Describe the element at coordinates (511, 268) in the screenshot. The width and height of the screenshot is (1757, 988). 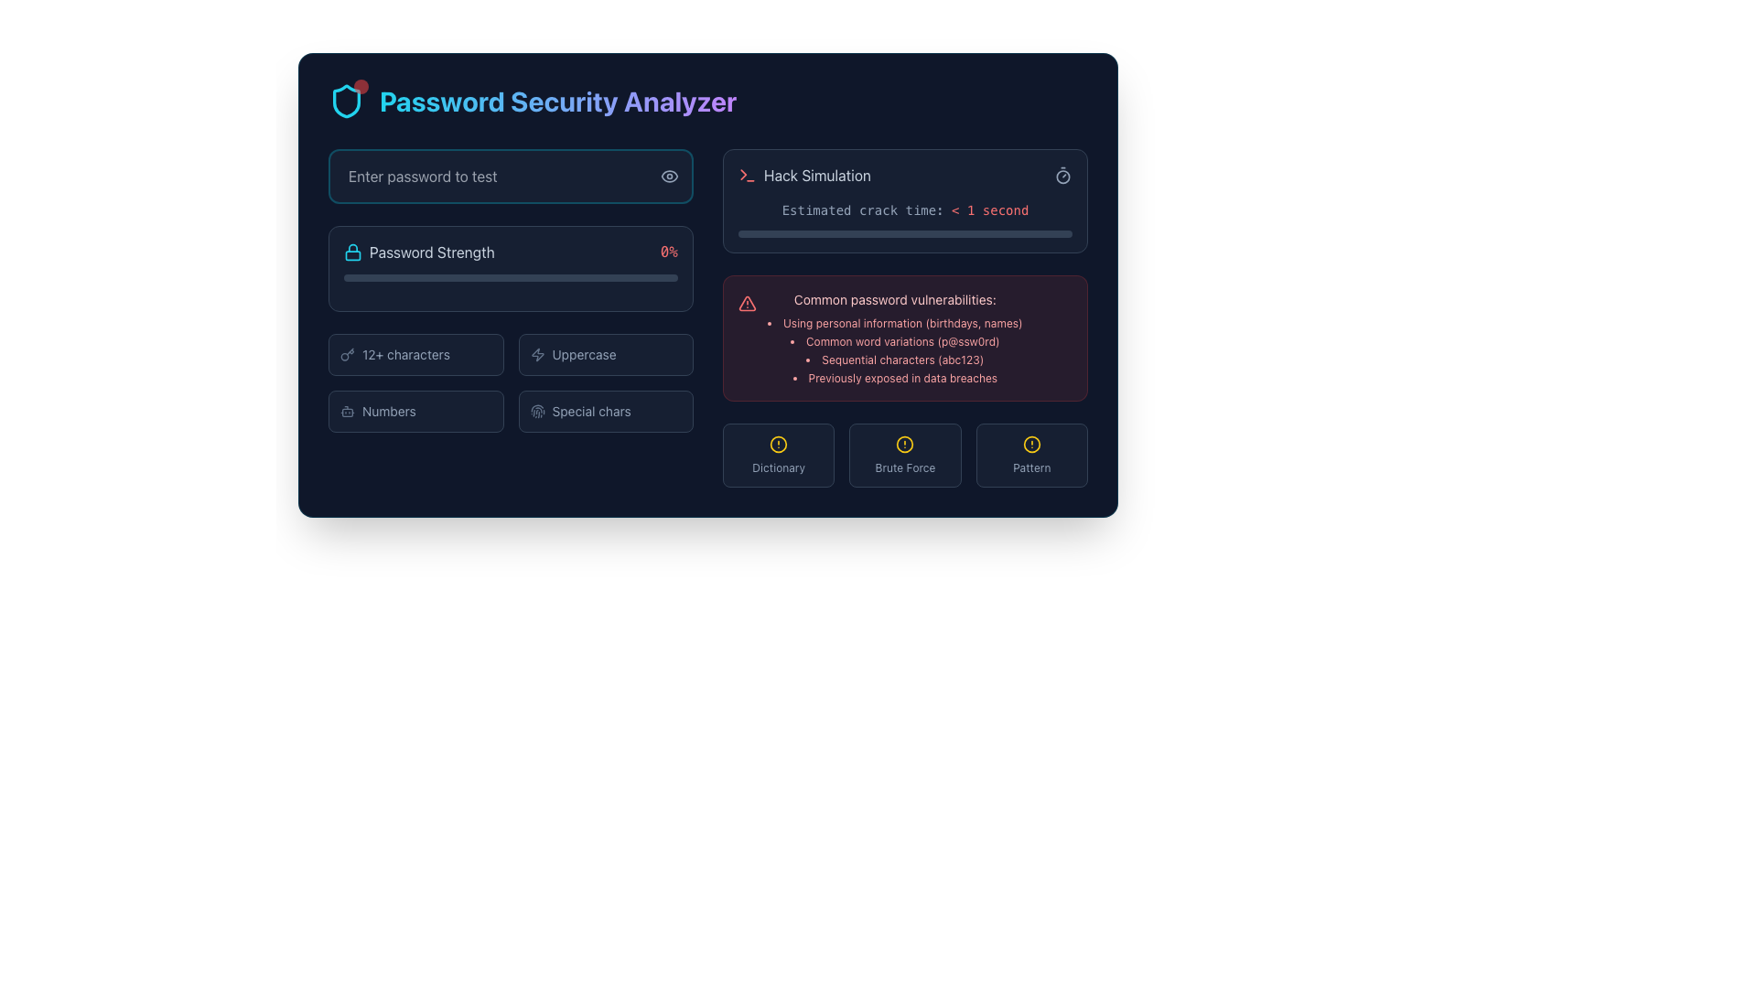
I see `the Password strength indicator, which is a rectangular box with a dark background, rounded corners, and a lock icon followed by the text 'Password Strength' and '0%' on the right, located below the password input field` at that location.